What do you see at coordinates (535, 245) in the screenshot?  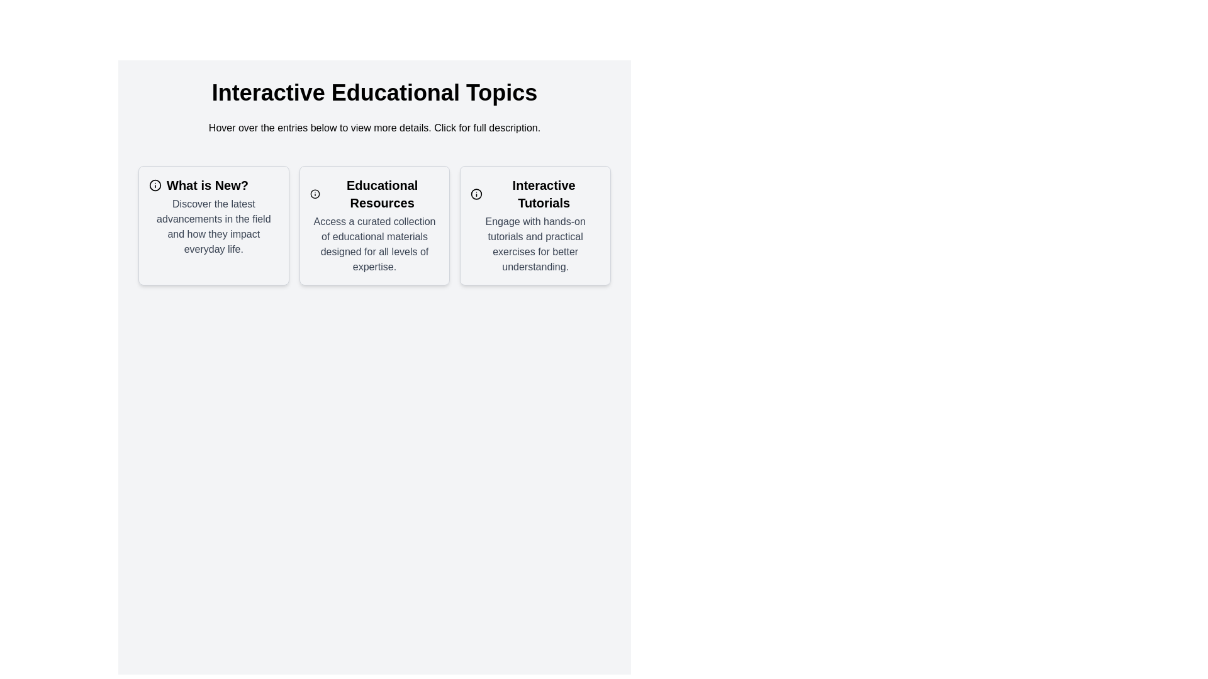 I see `the text label providing contextual information for the 'Interactive Tutorials' section, located within the third card-like component from the left side of the interface` at bounding box center [535, 245].